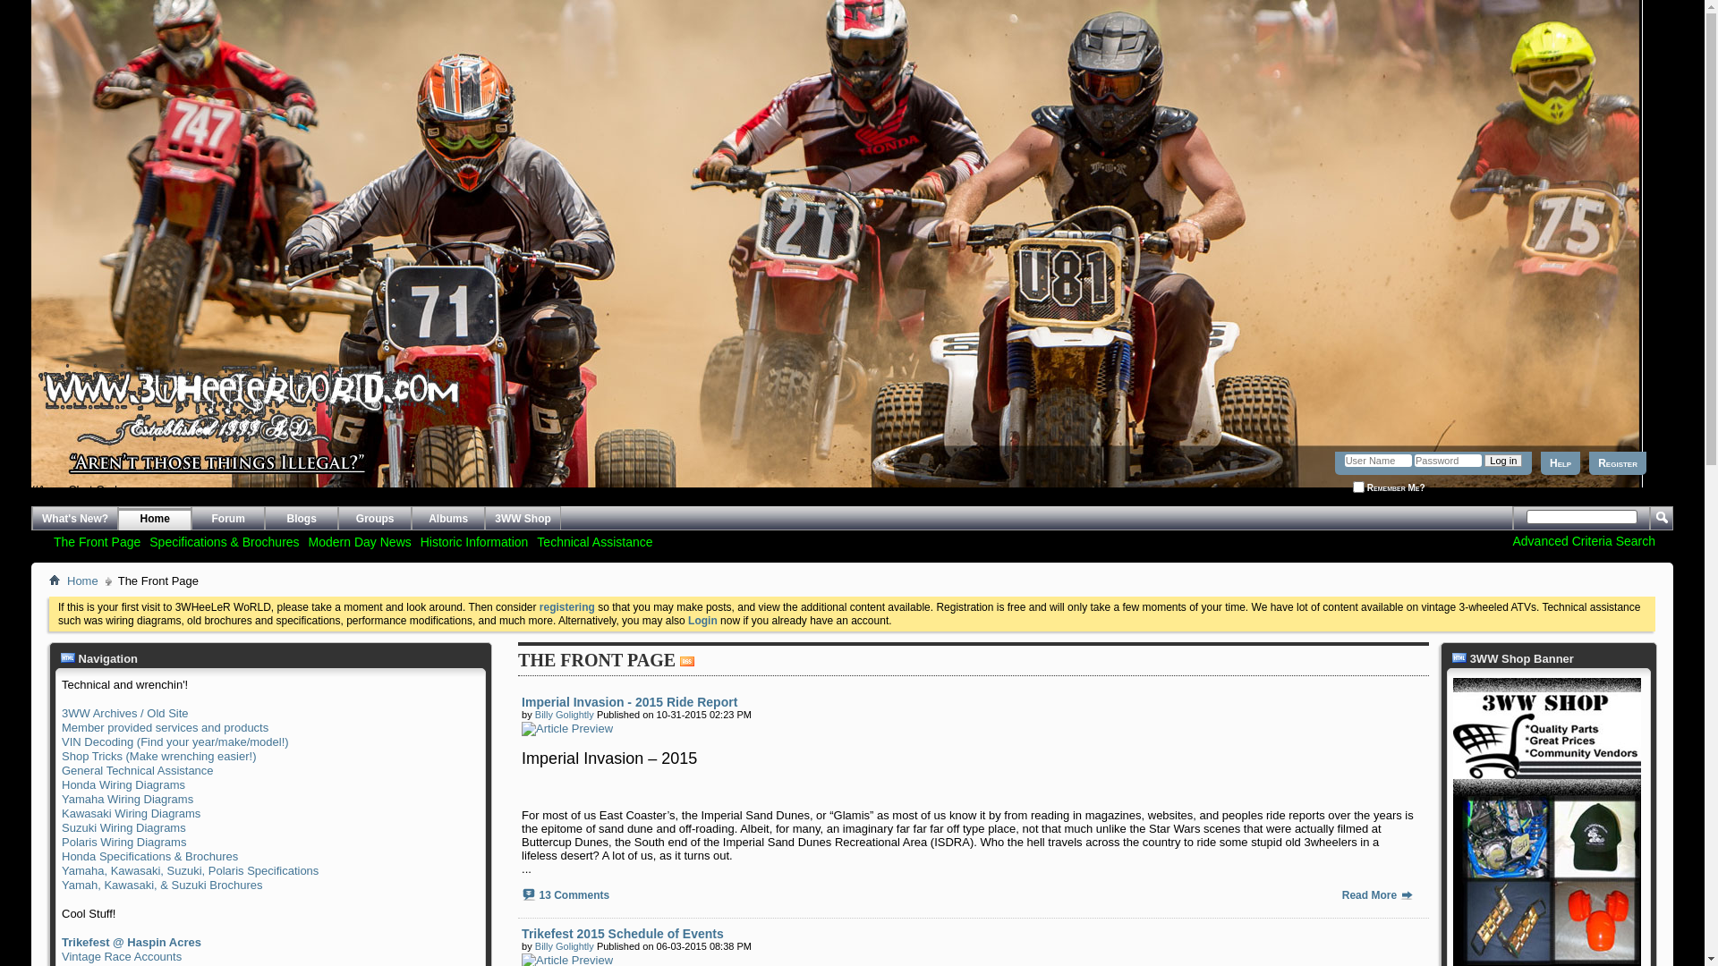 The height and width of the screenshot is (966, 1718). What do you see at coordinates (1618, 462) in the screenshot?
I see `'Register'` at bounding box center [1618, 462].